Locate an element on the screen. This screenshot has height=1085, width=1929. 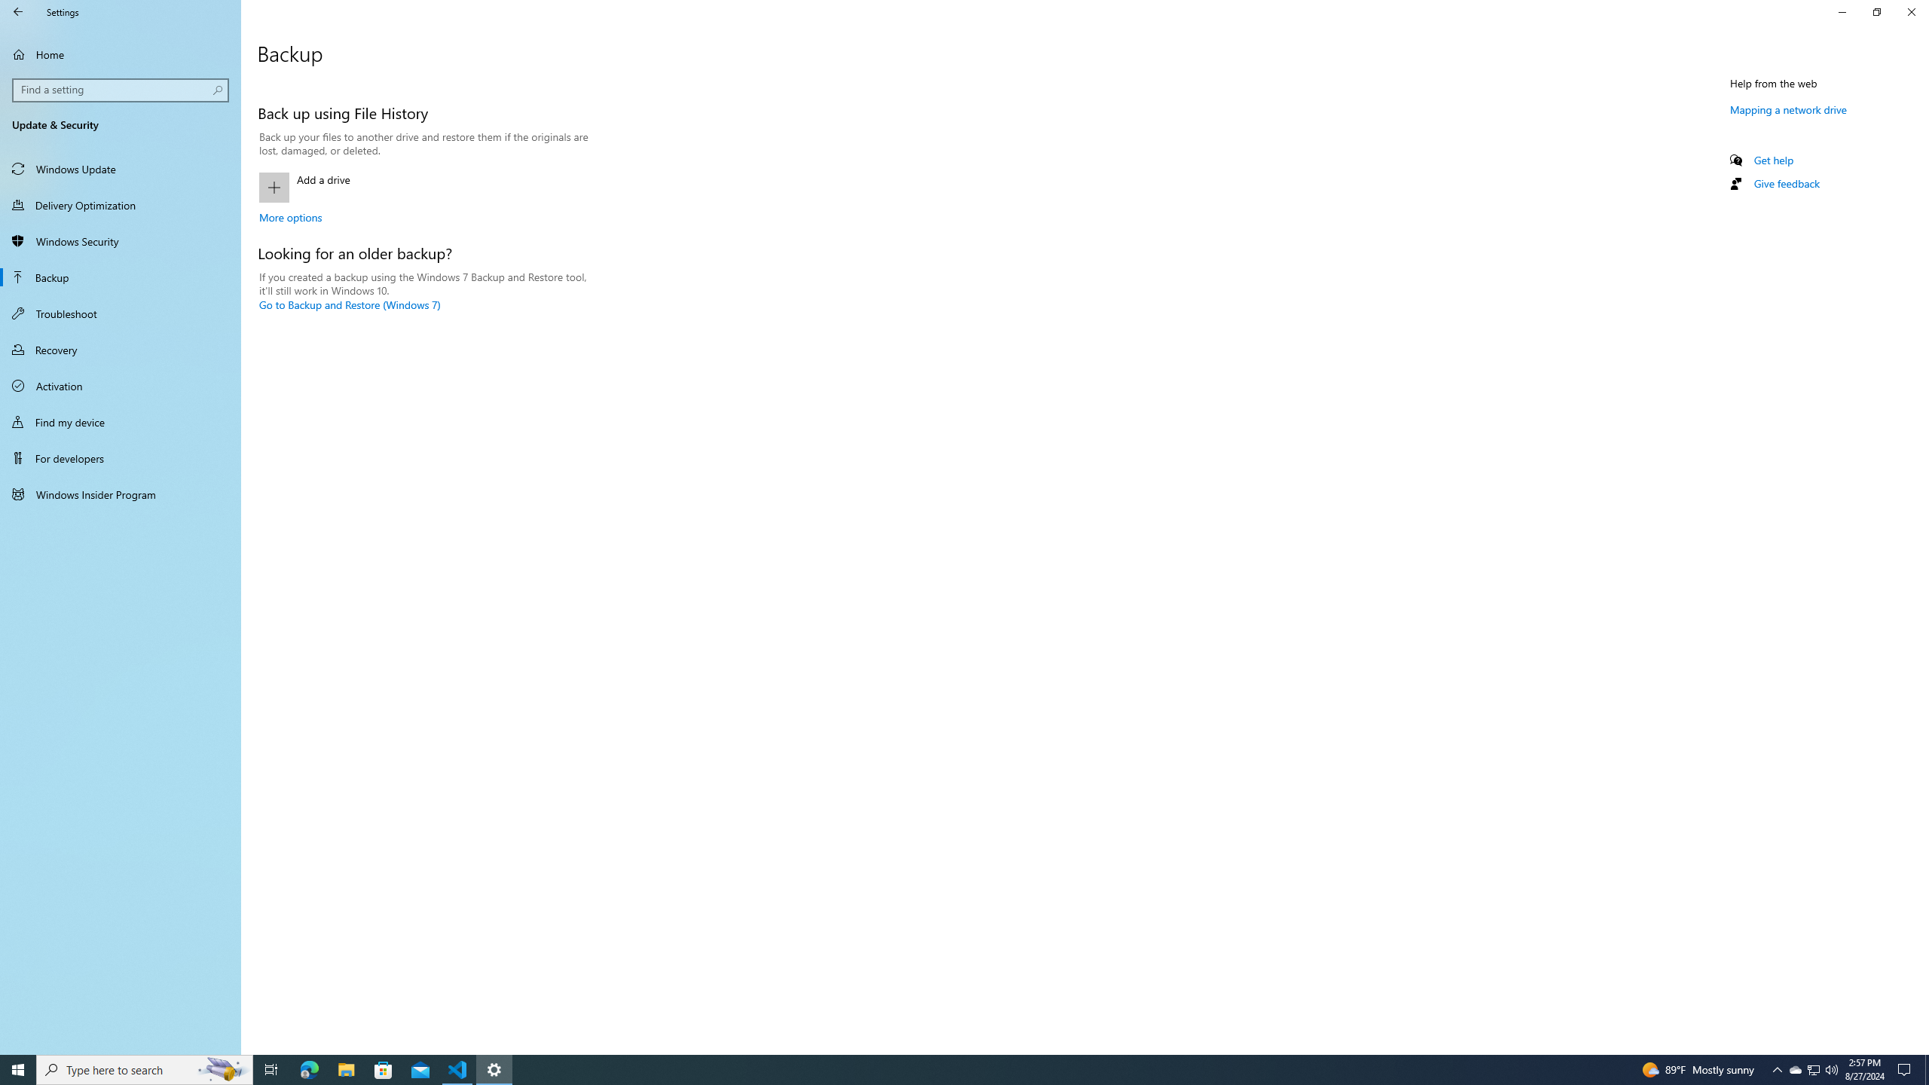
'Windows Security' is located at coordinates (120, 240).